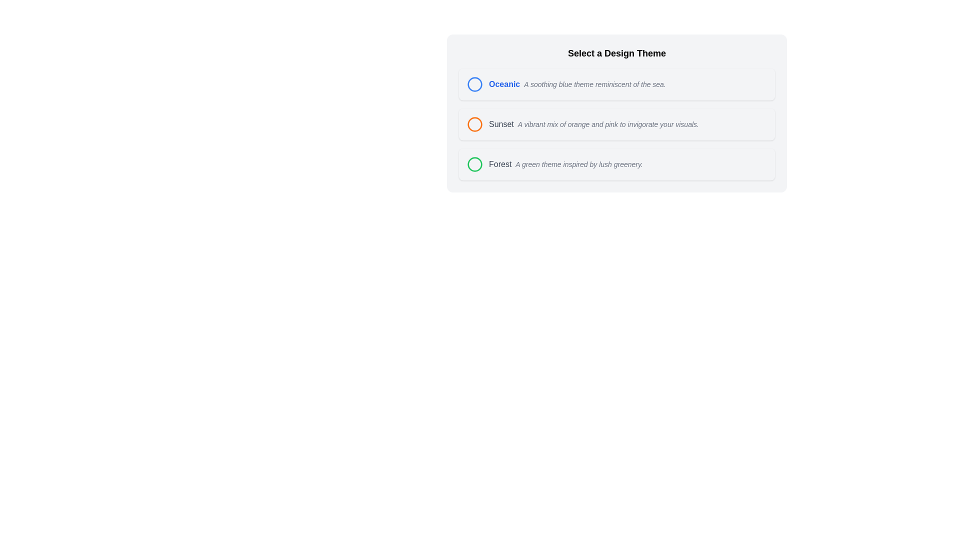 The width and height of the screenshot is (960, 540). I want to click on the 'Oceanic' text label which indicates the design theme selection, located above the descriptive text and next to a blue circular radio button, so click(504, 84).